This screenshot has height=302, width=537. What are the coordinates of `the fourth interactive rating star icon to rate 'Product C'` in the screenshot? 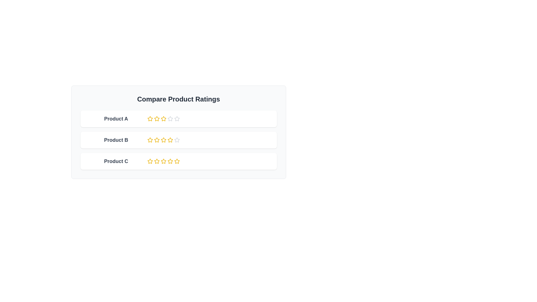 It's located at (170, 161).